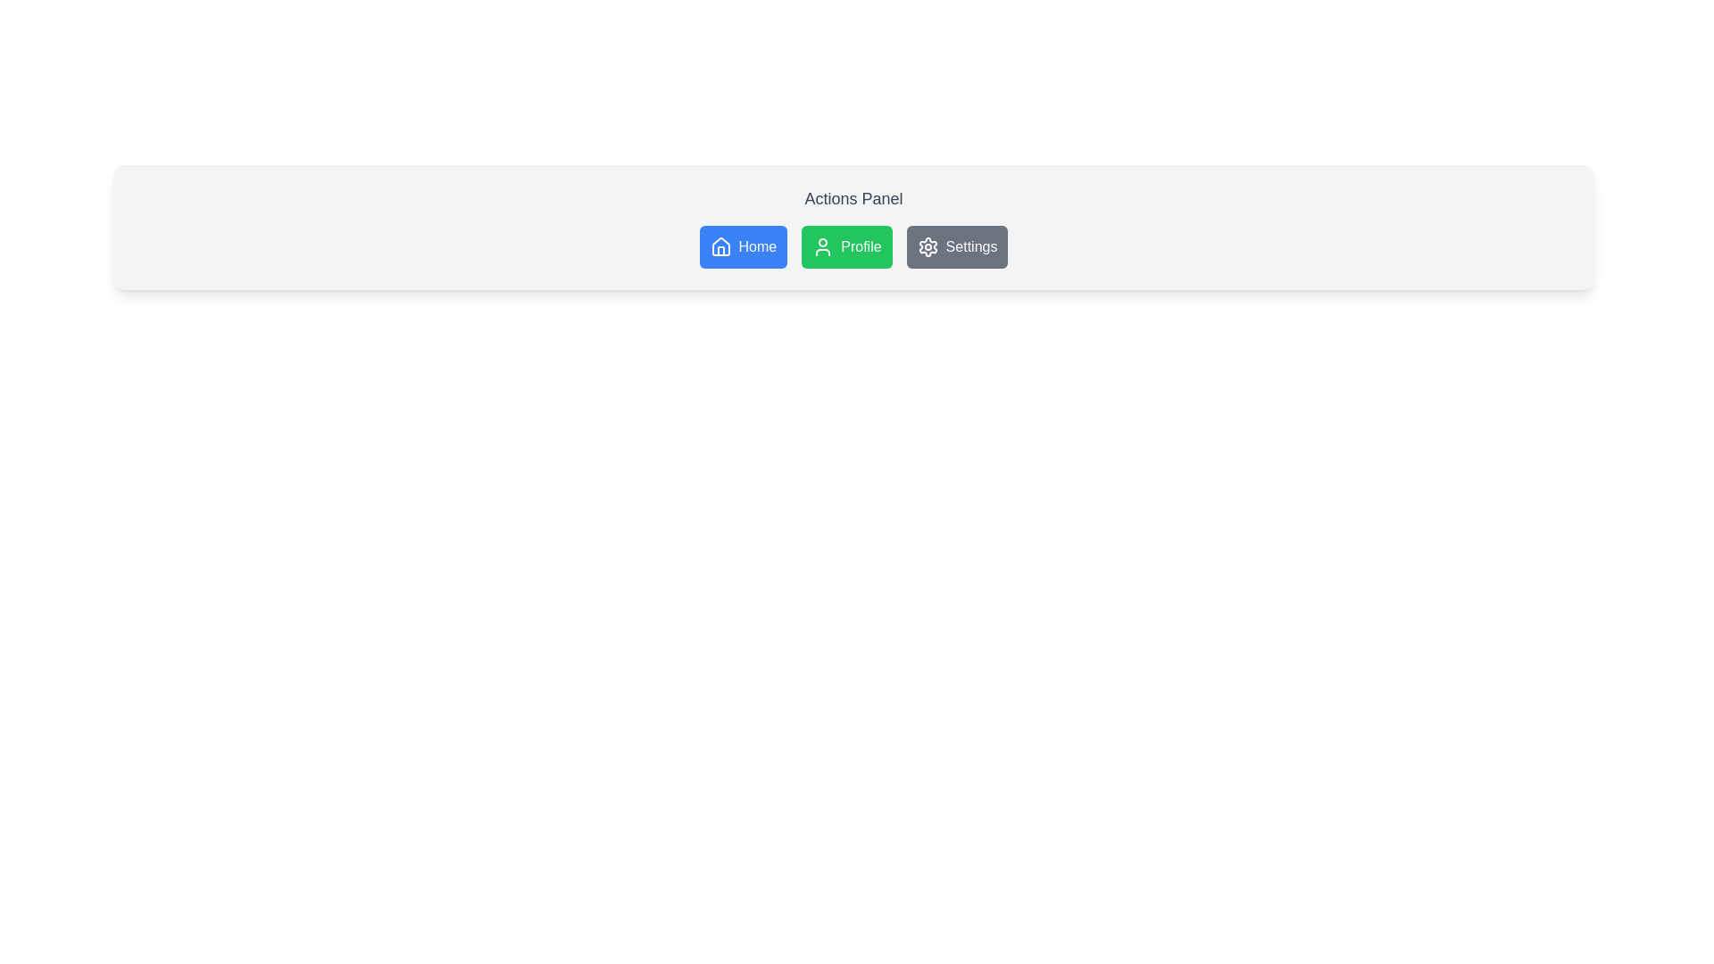  I want to click on the user profile silhouette icon located inside the green 'Profile' button in the Actions Panel, so click(822, 247).